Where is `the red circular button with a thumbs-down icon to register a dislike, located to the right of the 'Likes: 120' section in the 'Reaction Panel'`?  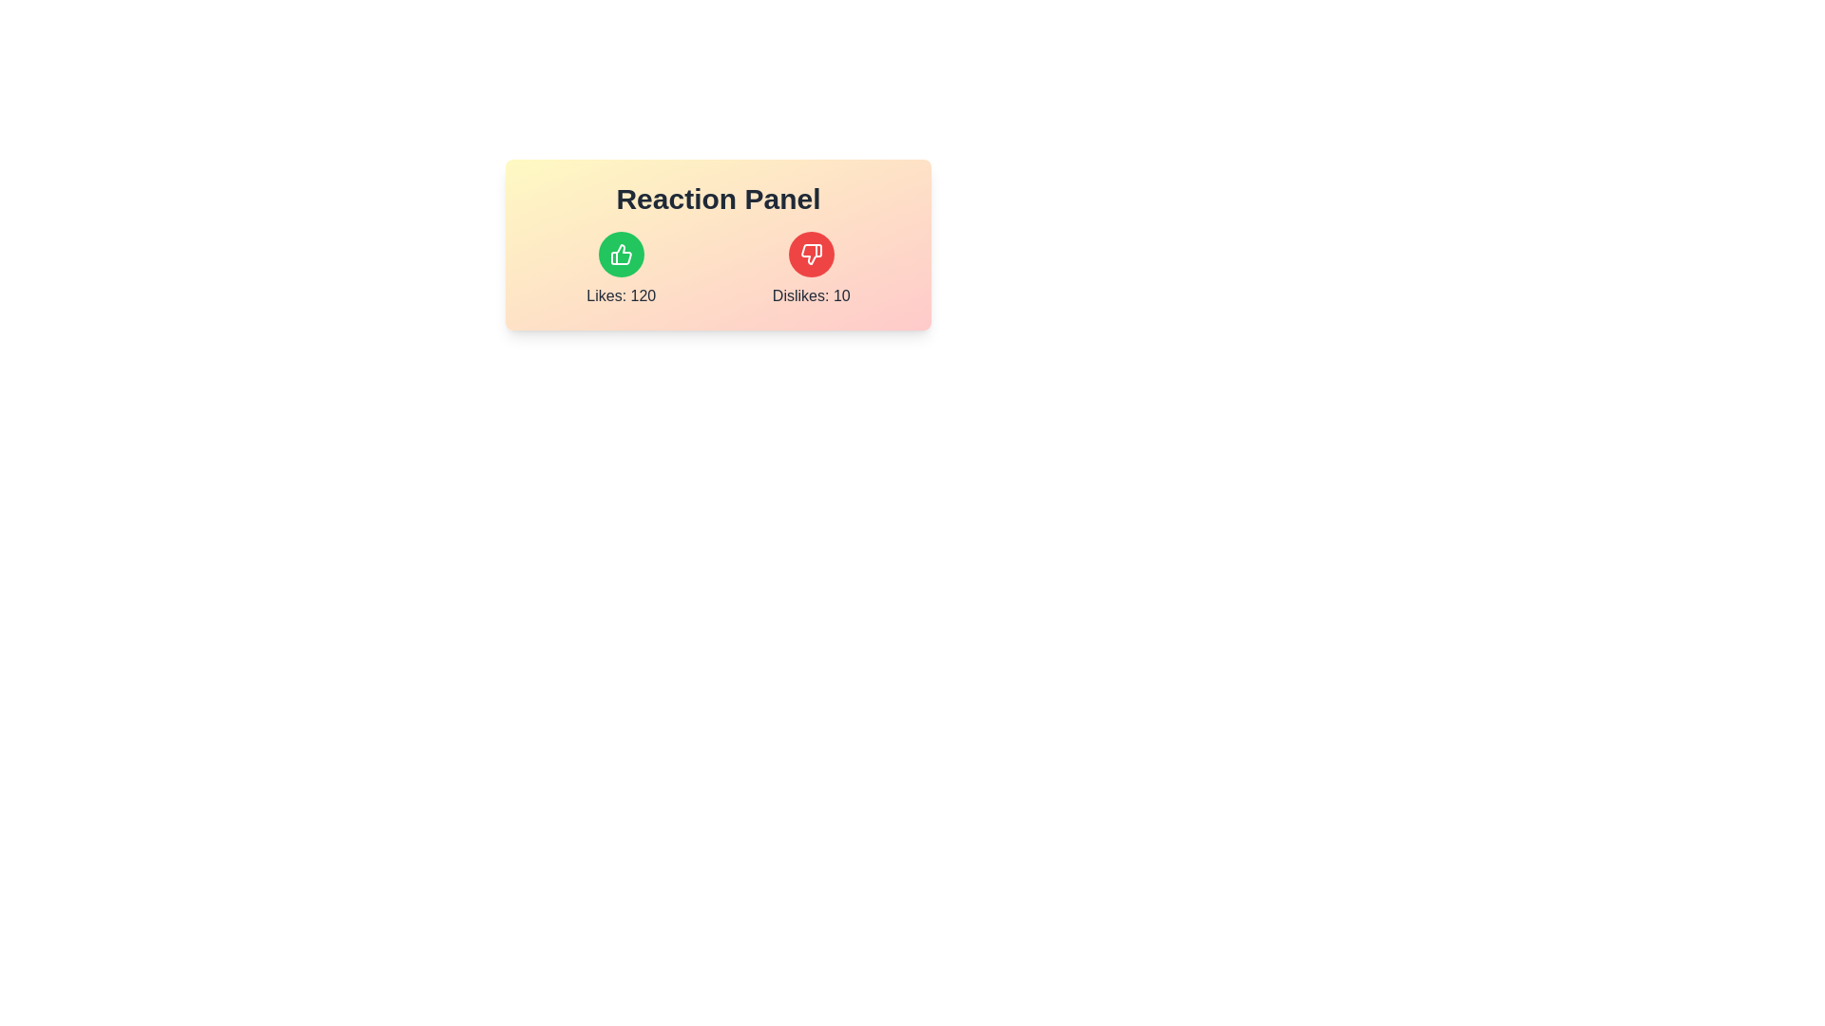 the red circular button with a thumbs-down icon to register a dislike, located to the right of the 'Likes: 120' section in the 'Reaction Panel' is located at coordinates (811, 270).